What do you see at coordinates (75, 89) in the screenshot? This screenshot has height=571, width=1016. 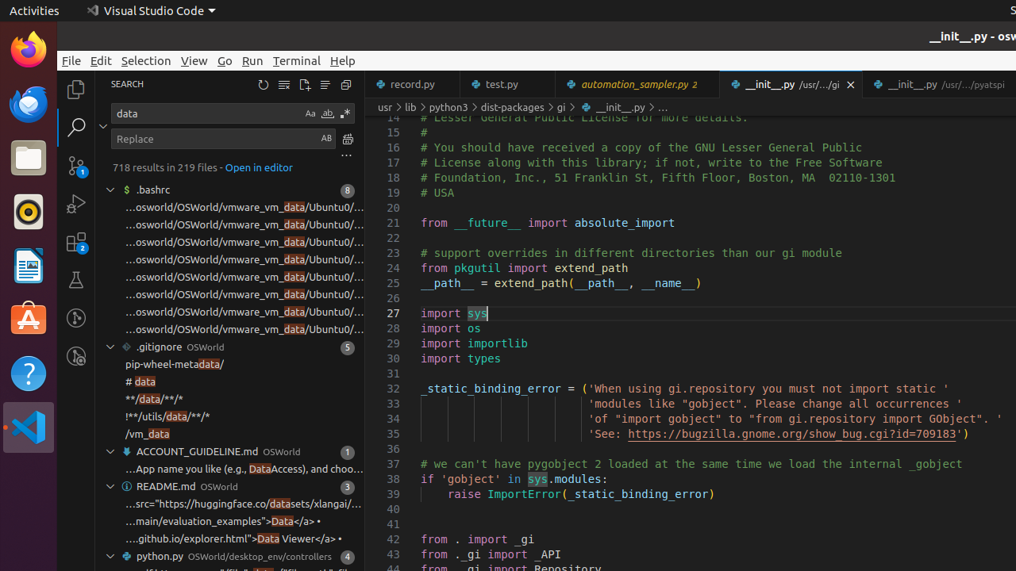 I see `'Explorer (Ctrl+Shift+E)'` at bounding box center [75, 89].